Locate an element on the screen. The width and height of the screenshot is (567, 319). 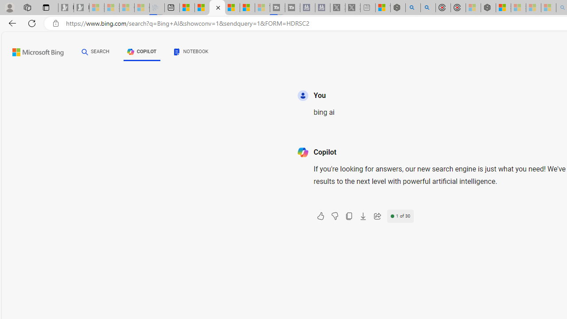
'Like' is located at coordinates (320, 216).